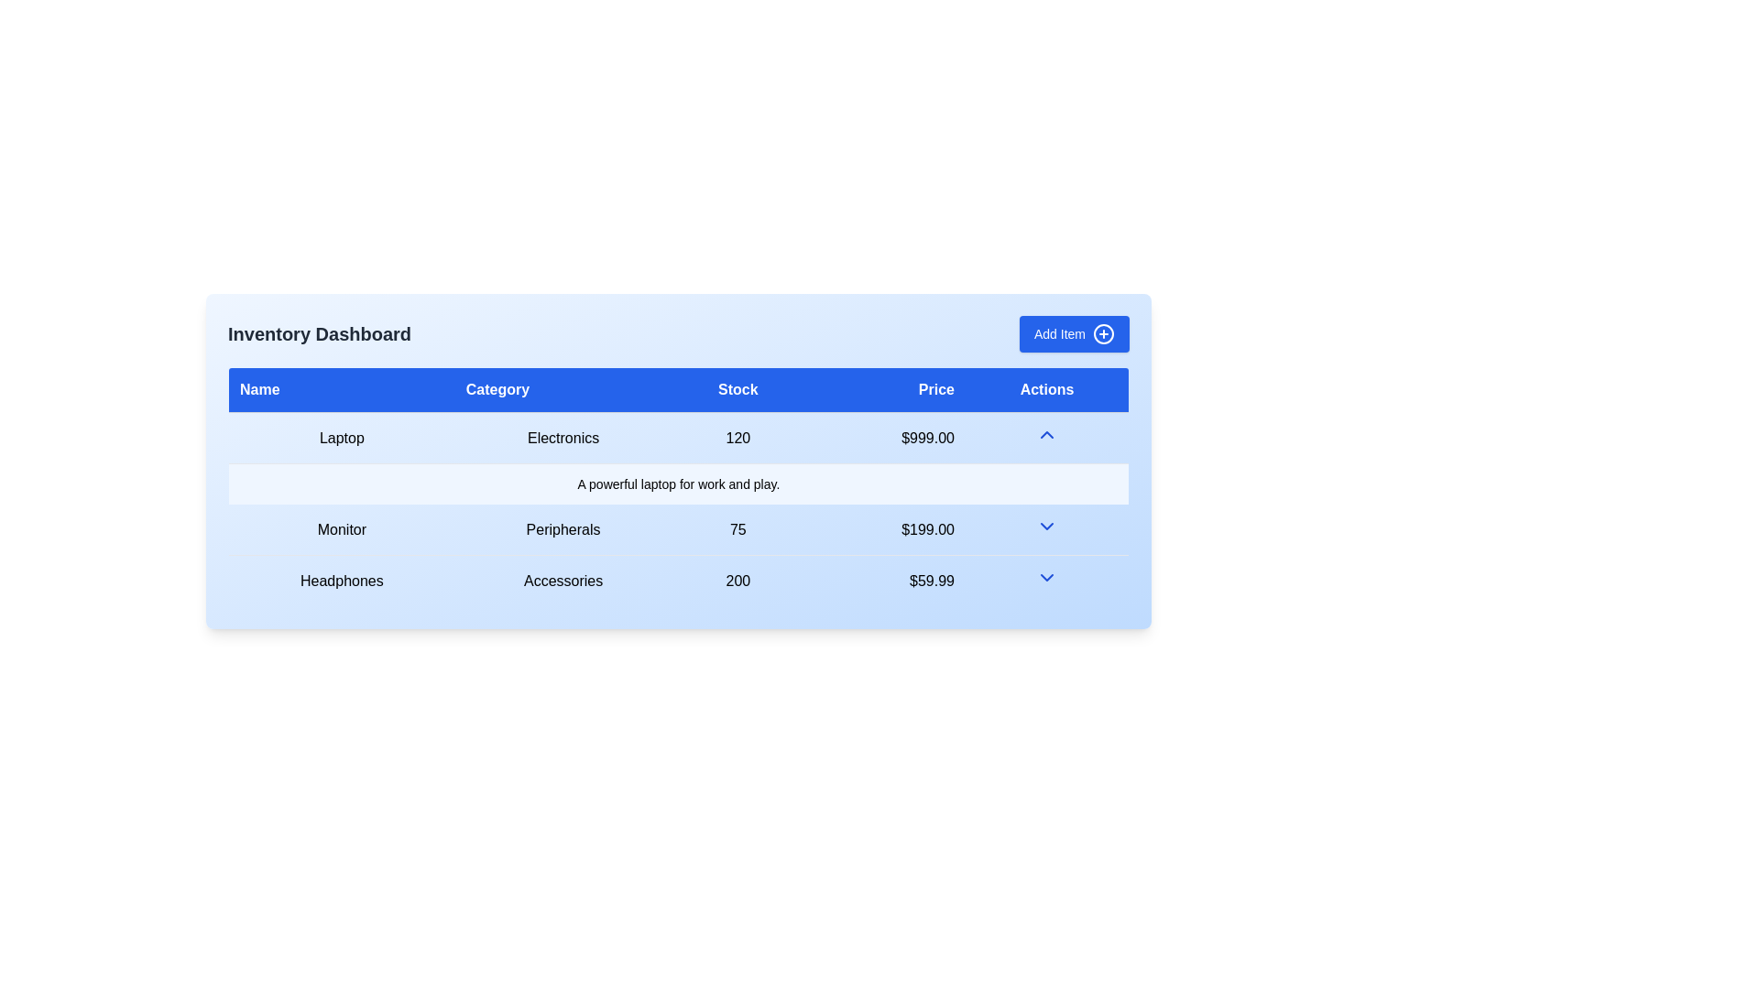 The width and height of the screenshot is (1759, 989). What do you see at coordinates (885, 438) in the screenshot?
I see `the price value displayed in the Text Label located in the 'Price' column of the table, next to the 'Stock' cell for the 'Laptop' item in the 'Electronics' category` at bounding box center [885, 438].